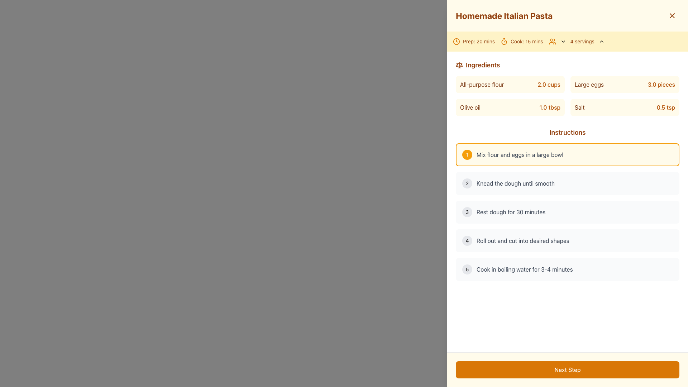 This screenshot has height=387, width=688. Describe the element at coordinates (467, 269) in the screenshot. I see `the step number label located in the right panel under the 'Instructions' heading, which visually aligns with the instruction 'Cook in boiling water for 3-4 minutes'` at that location.